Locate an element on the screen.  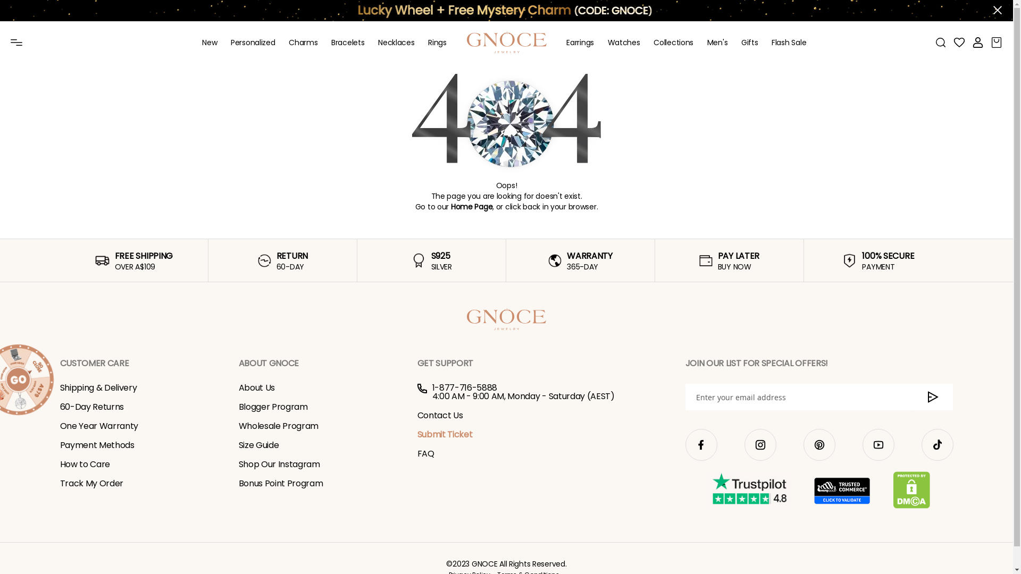
'Bonus Point Program' is located at coordinates (280, 483).